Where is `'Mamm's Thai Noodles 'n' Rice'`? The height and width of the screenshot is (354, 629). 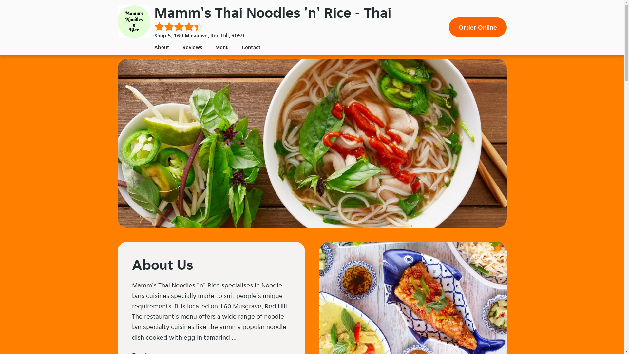
'Mamm's Thai Noodles 'n' Rice' is located at coordinates (117, 21).